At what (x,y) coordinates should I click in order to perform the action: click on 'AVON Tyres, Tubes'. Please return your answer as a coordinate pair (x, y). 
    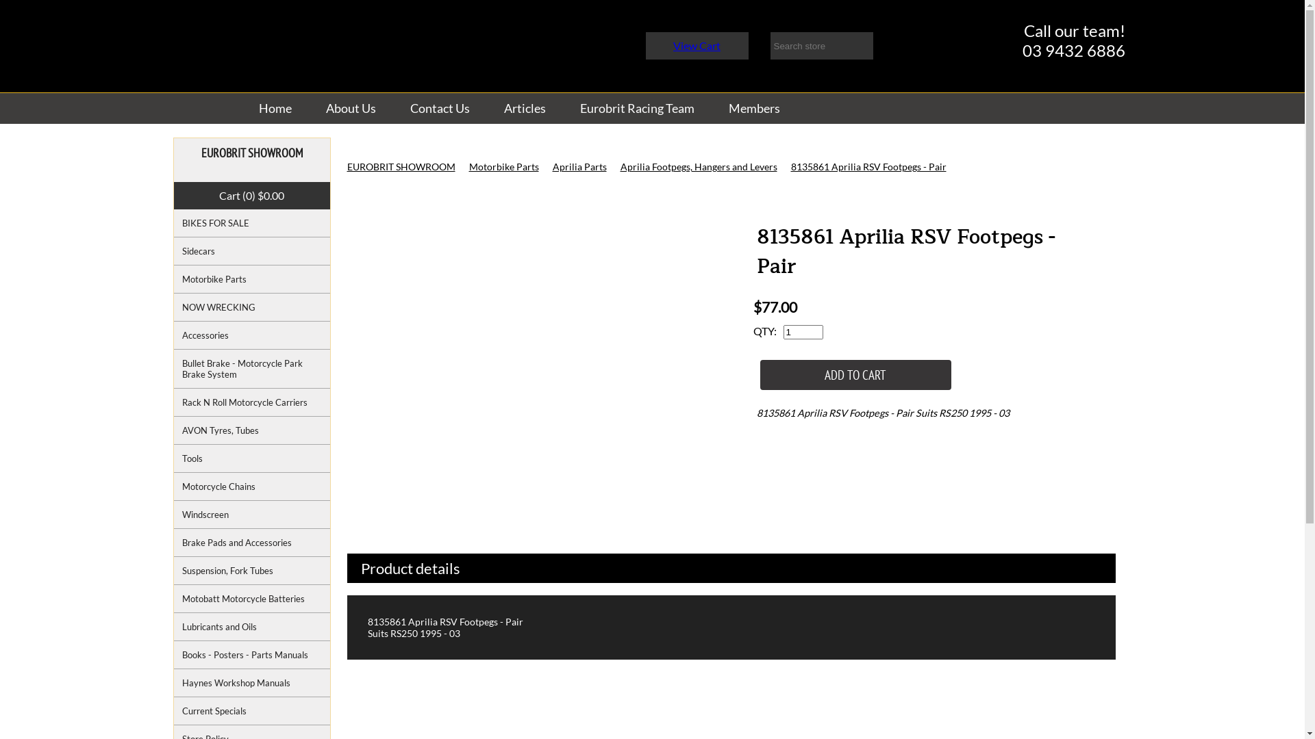
    Looking at the image, I should click on (252, 430).